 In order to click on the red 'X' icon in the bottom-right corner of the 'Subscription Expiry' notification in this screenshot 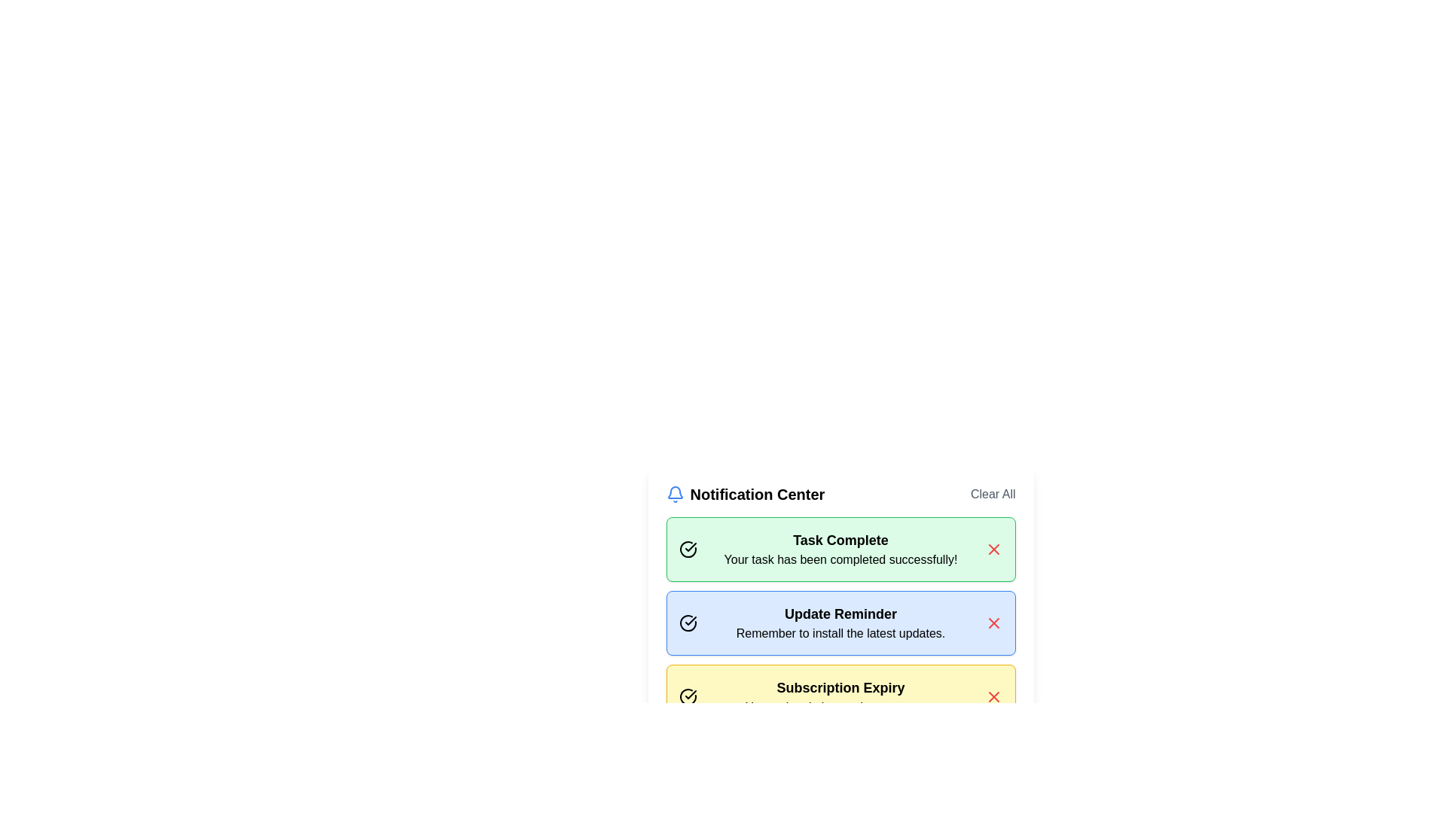, I will do `click(993, 696)`.